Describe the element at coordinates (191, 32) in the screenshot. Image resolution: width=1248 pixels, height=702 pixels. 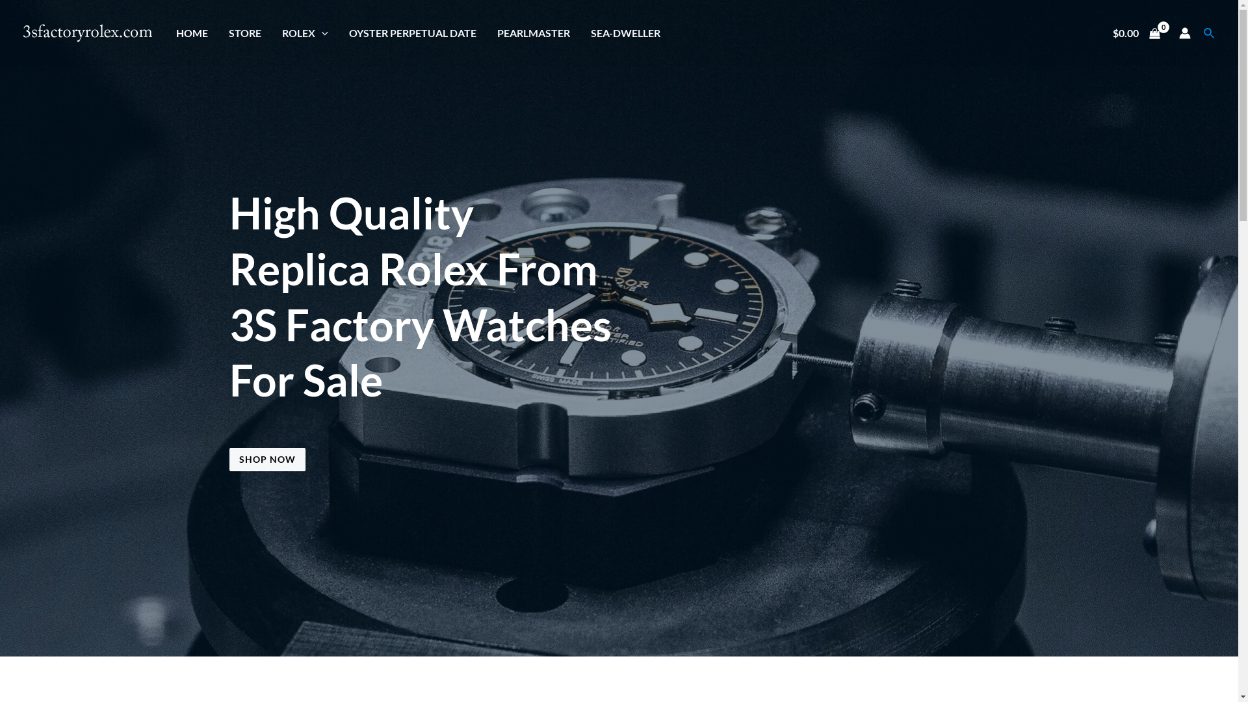
I see `'HOME'` at that location.